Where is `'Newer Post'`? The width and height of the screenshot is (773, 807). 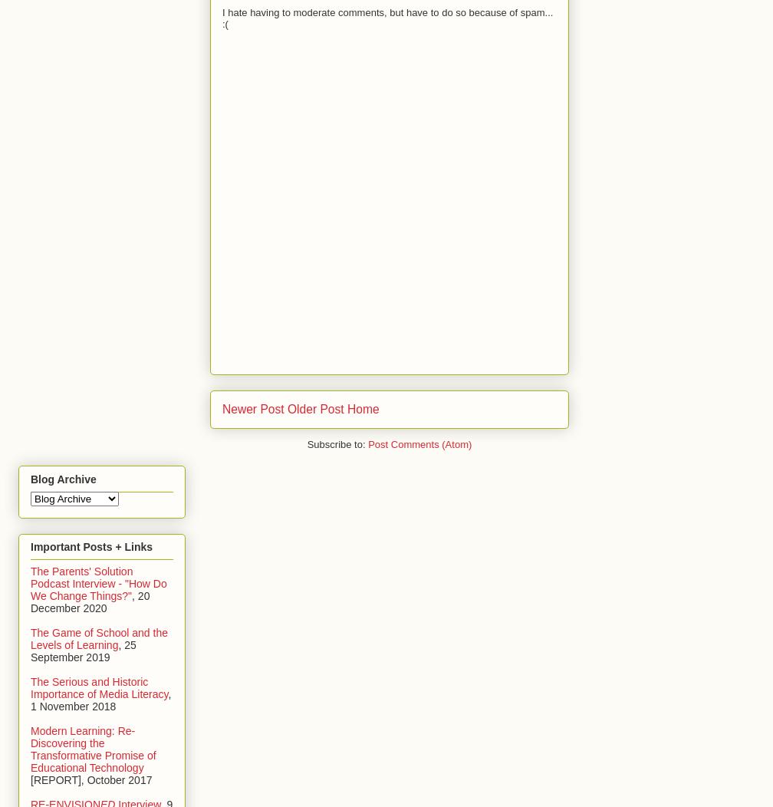 'Newer Post' is located at coordinates (253, 409).